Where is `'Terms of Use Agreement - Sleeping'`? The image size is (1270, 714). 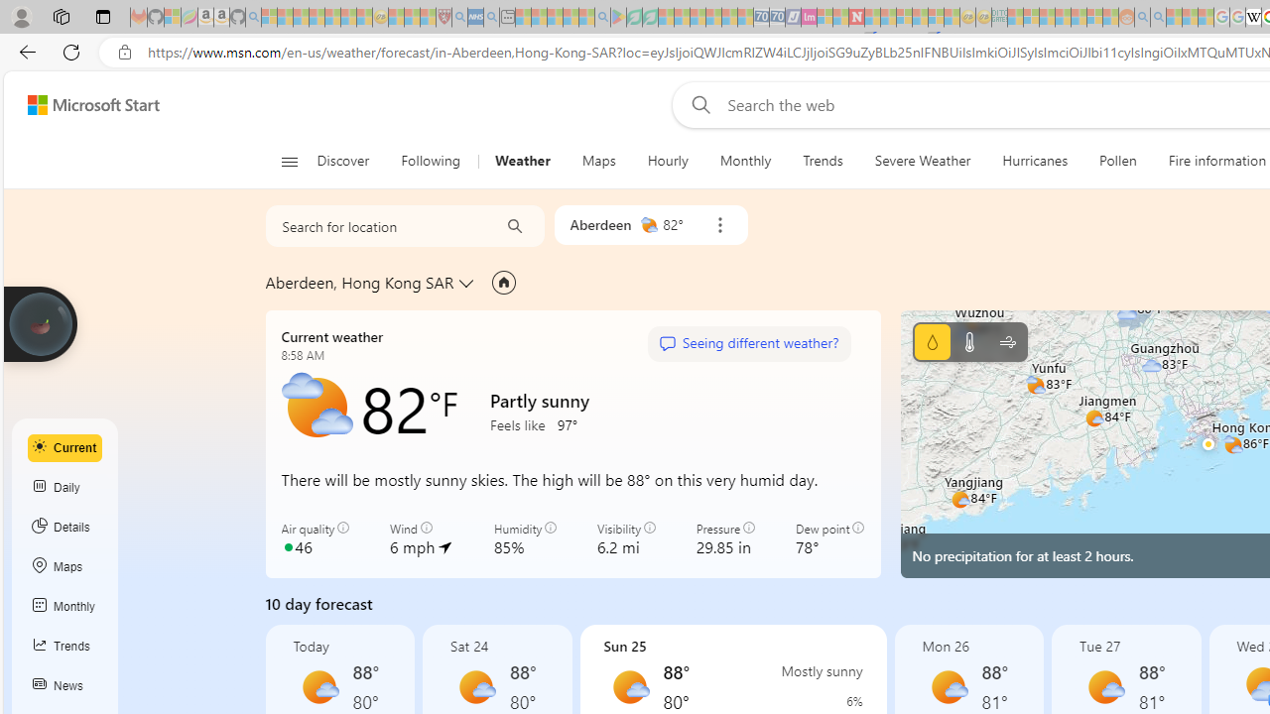 'Terms of Use Agreement - Sleeping' is located at coordinates (633, 17).